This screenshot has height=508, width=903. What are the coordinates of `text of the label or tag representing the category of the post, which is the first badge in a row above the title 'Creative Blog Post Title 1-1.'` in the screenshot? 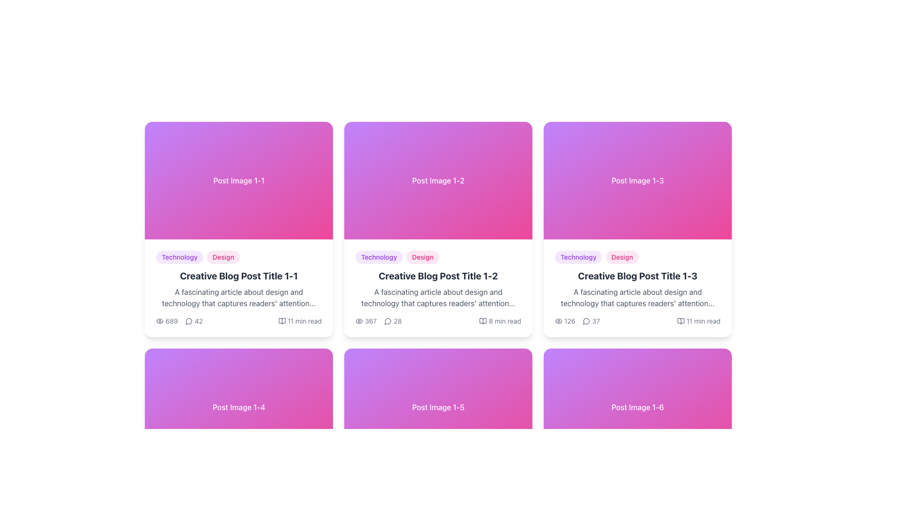 It's located at (180, 257).